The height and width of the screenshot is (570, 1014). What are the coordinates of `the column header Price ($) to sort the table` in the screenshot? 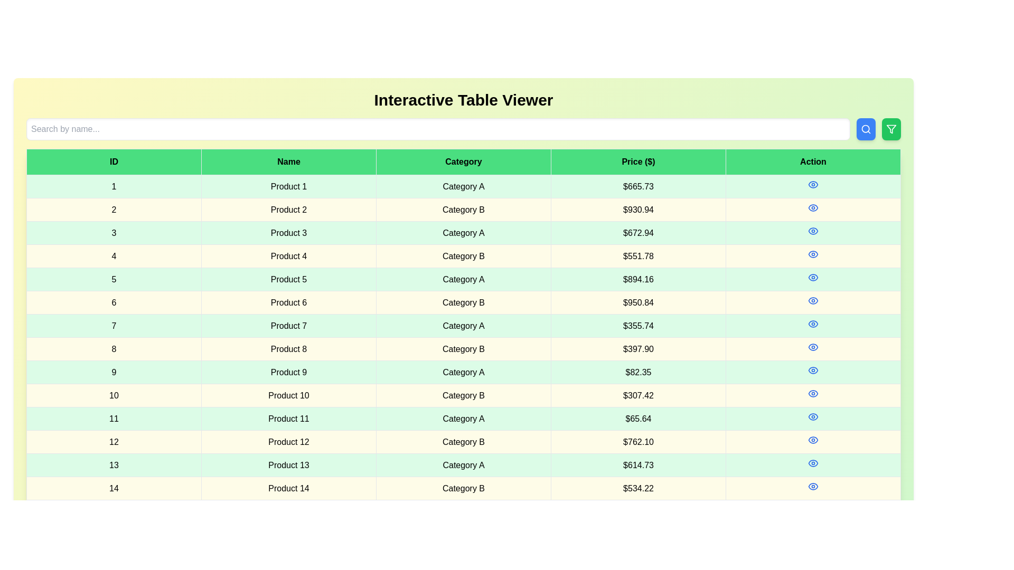 It's located at (638, 162).